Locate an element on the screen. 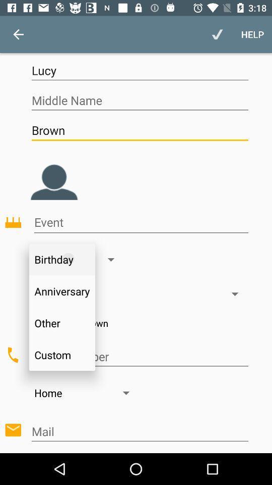 This screenshot has height=485, width=272. event name is located at coordinates (141, 222).